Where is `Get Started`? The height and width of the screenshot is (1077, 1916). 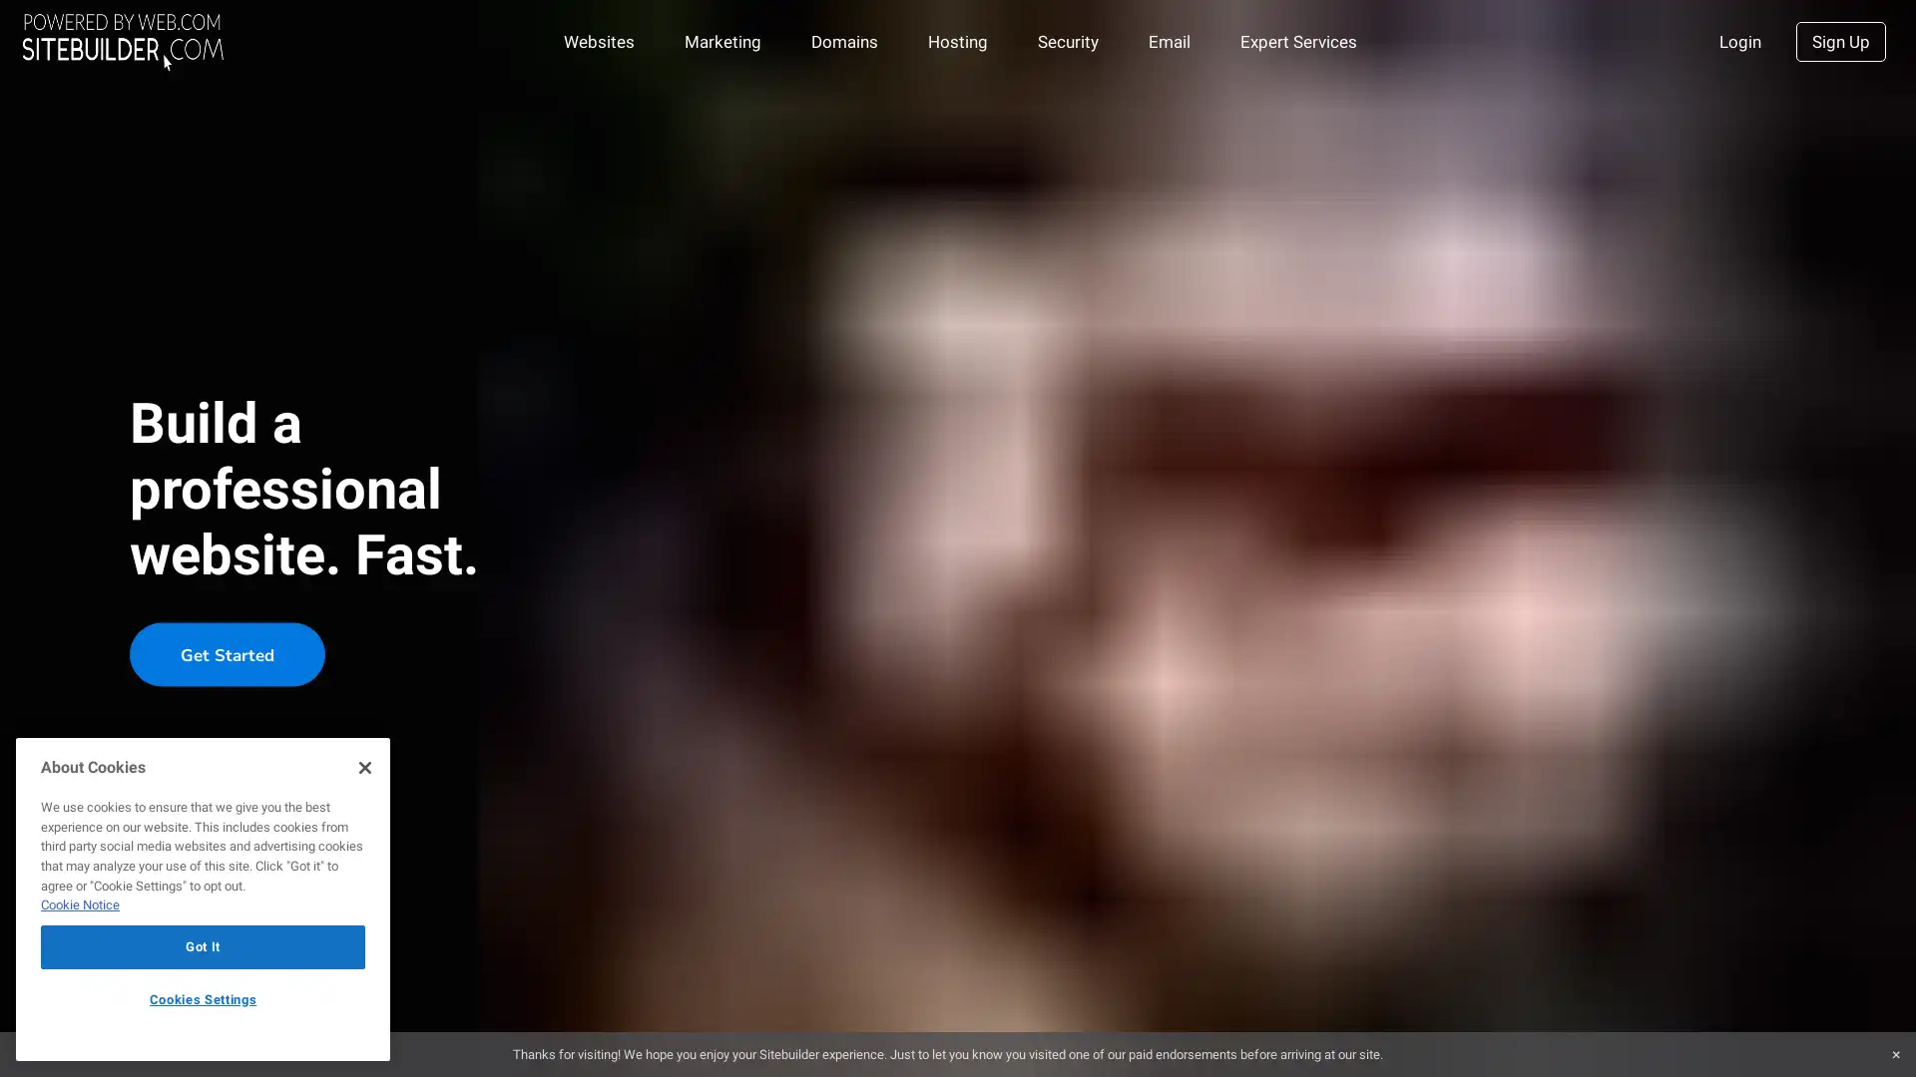 Get Started is located at coordinates (227, 653).